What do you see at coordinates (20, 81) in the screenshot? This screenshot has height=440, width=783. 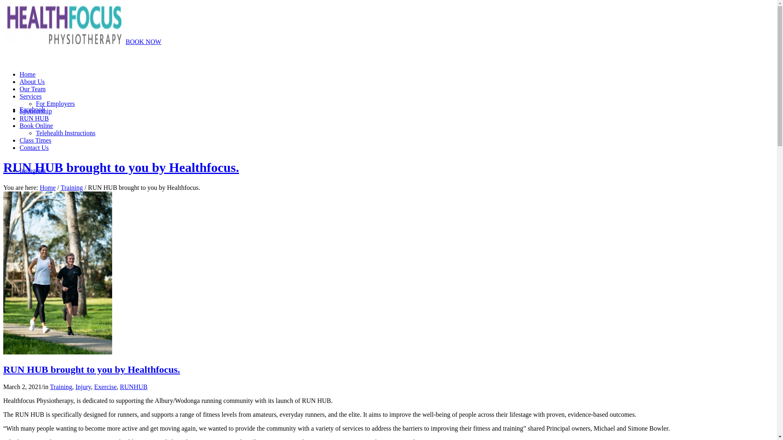 I see `'About Us'` at bounding box center [20, 81].